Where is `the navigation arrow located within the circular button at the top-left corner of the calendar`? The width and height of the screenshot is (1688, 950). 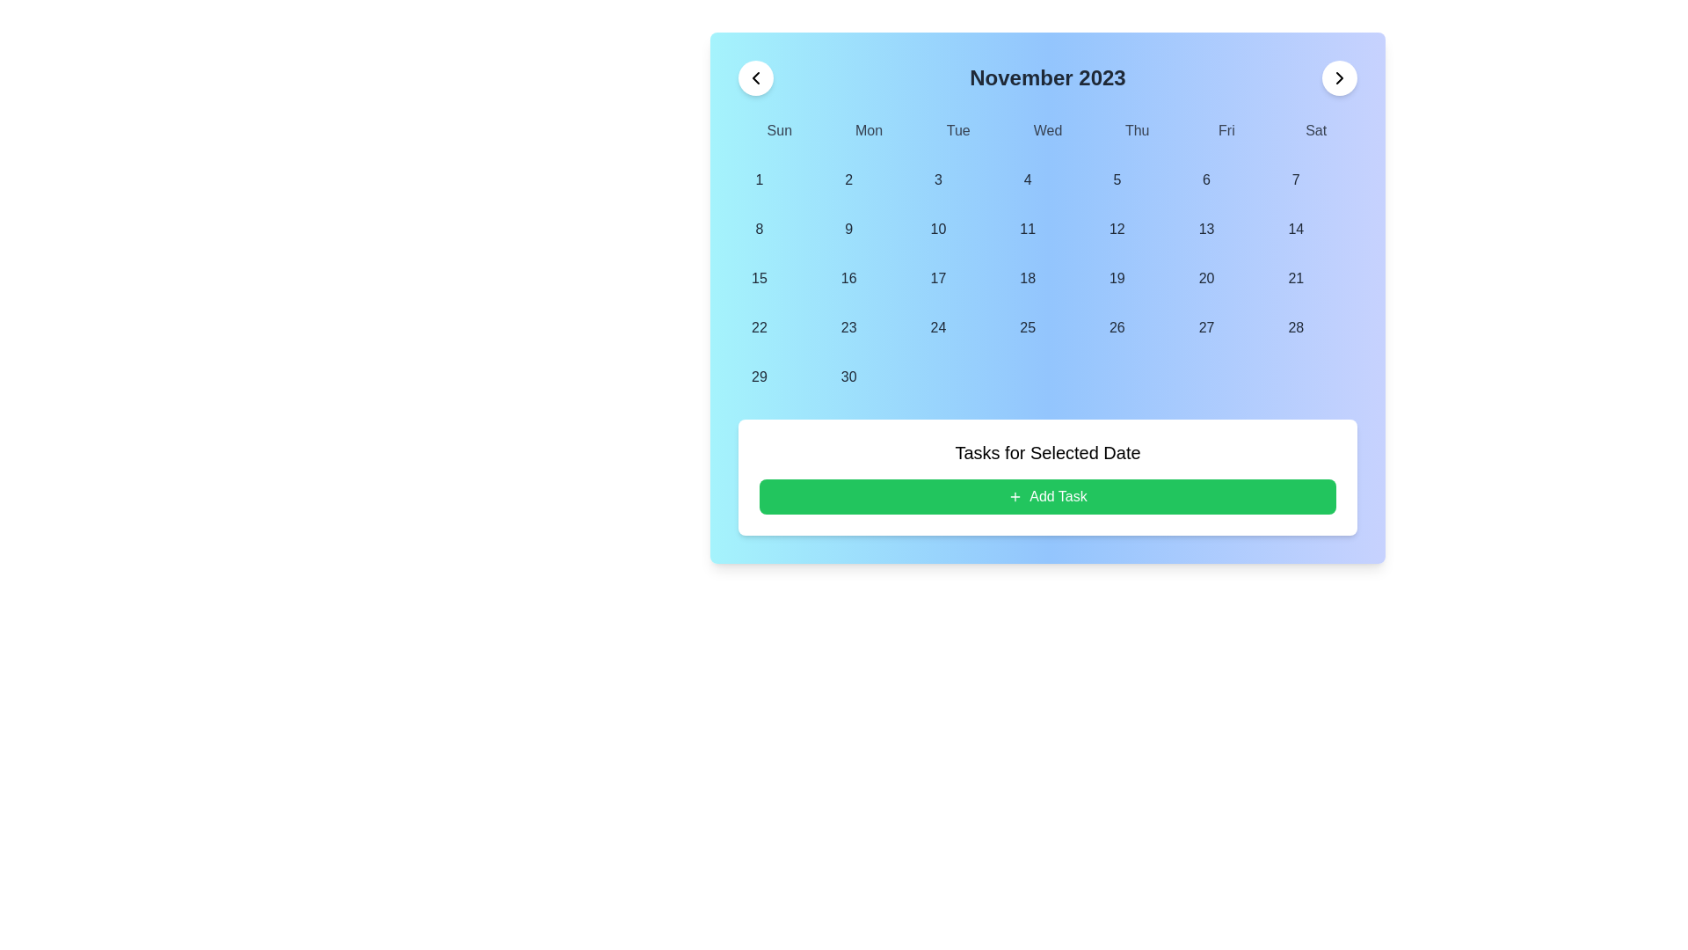
the navigation arrow located within the circular button at the top-left corner of the calendar is located at coordinates (755, 77).